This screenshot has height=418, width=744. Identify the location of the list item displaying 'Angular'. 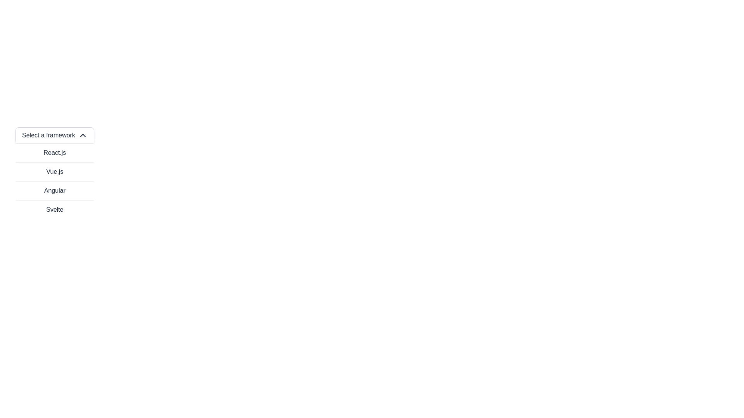
(54, 190).